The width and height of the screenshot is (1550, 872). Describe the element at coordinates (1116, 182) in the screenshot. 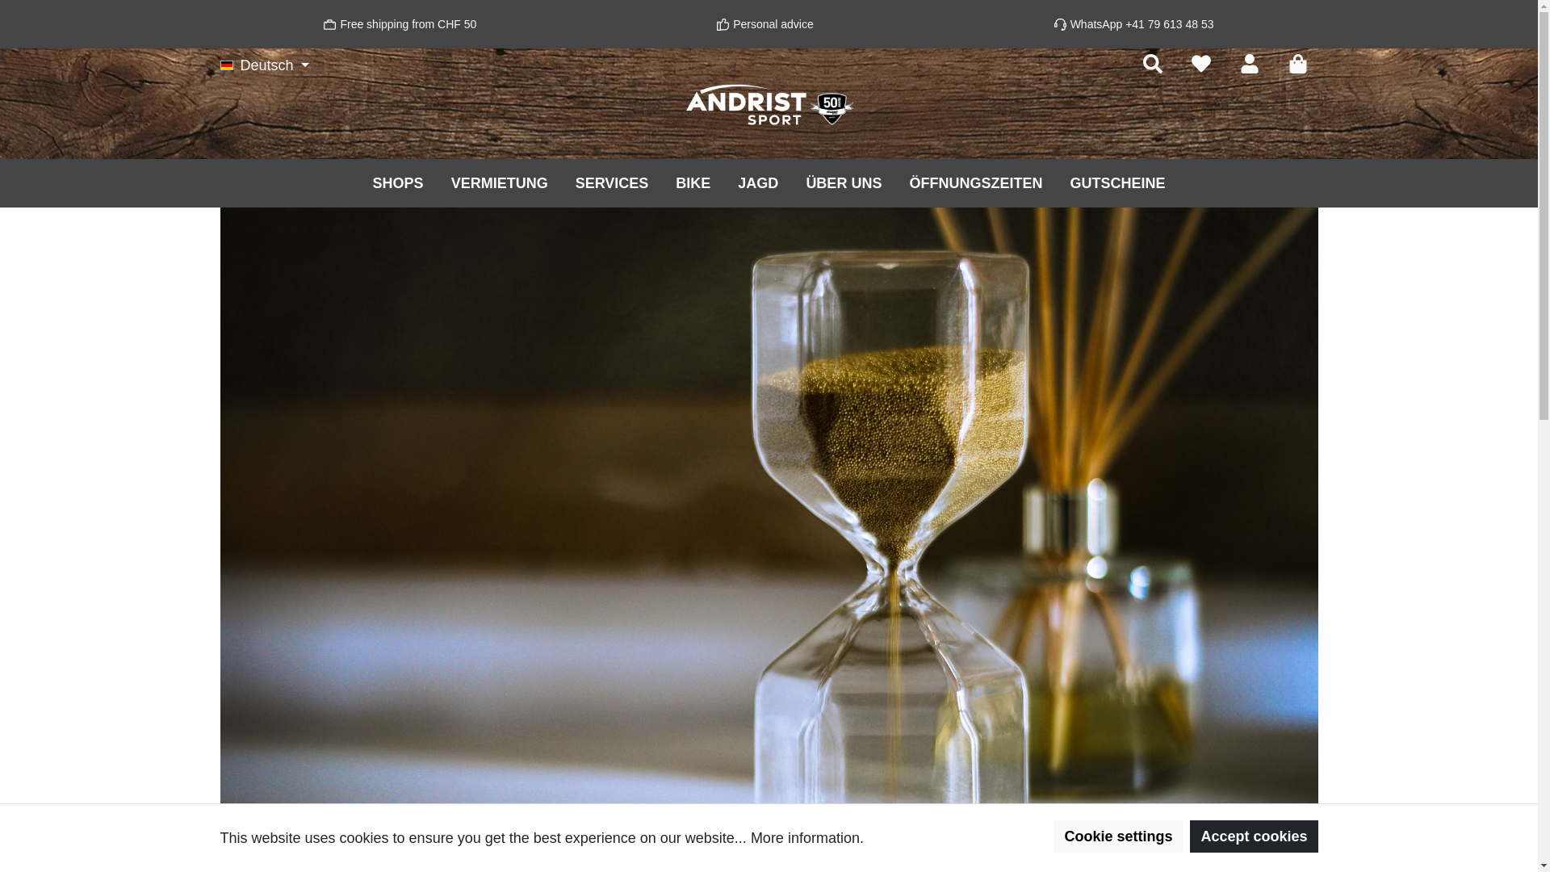

I see `'GUTSCHEINE'` at that location.